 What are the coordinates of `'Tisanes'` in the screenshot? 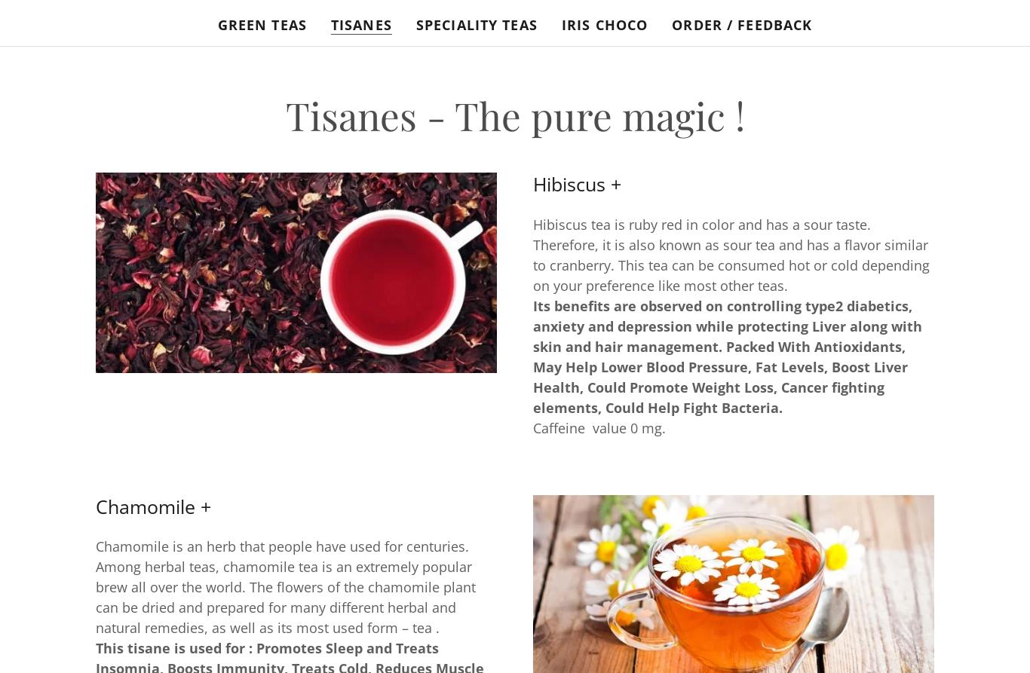 It's located at (360, 25).